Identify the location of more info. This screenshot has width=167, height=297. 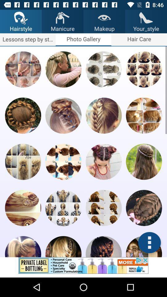
(149, 243).